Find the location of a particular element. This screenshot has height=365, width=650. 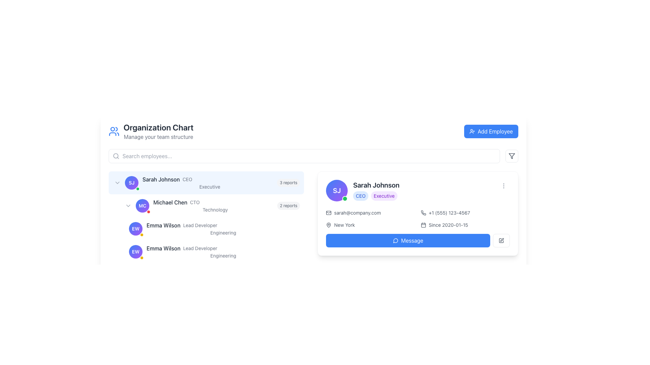

the vertical ellipsis icon (three vertical dots) located in the upper-right corner of the detailed information card for Sarah Johnson is located at coordinates (504, 186).